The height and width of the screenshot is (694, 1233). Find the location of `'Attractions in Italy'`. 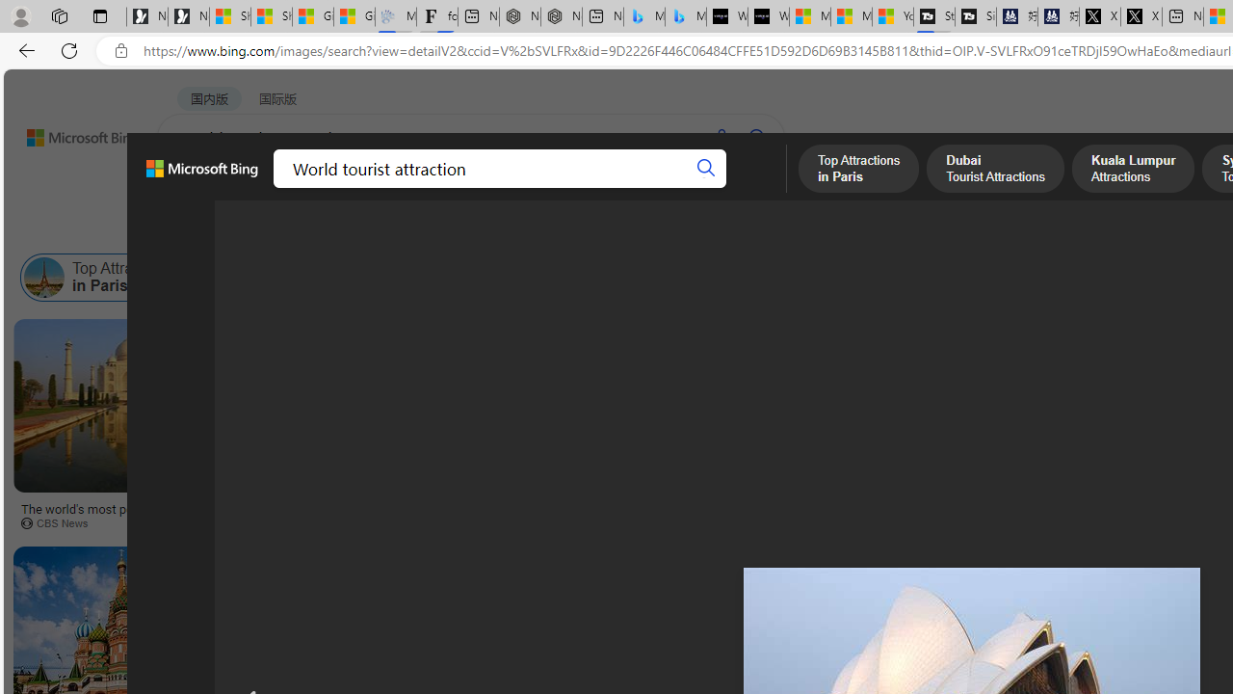

'Attractions in Italy' is located at coordinates (1001, 278).